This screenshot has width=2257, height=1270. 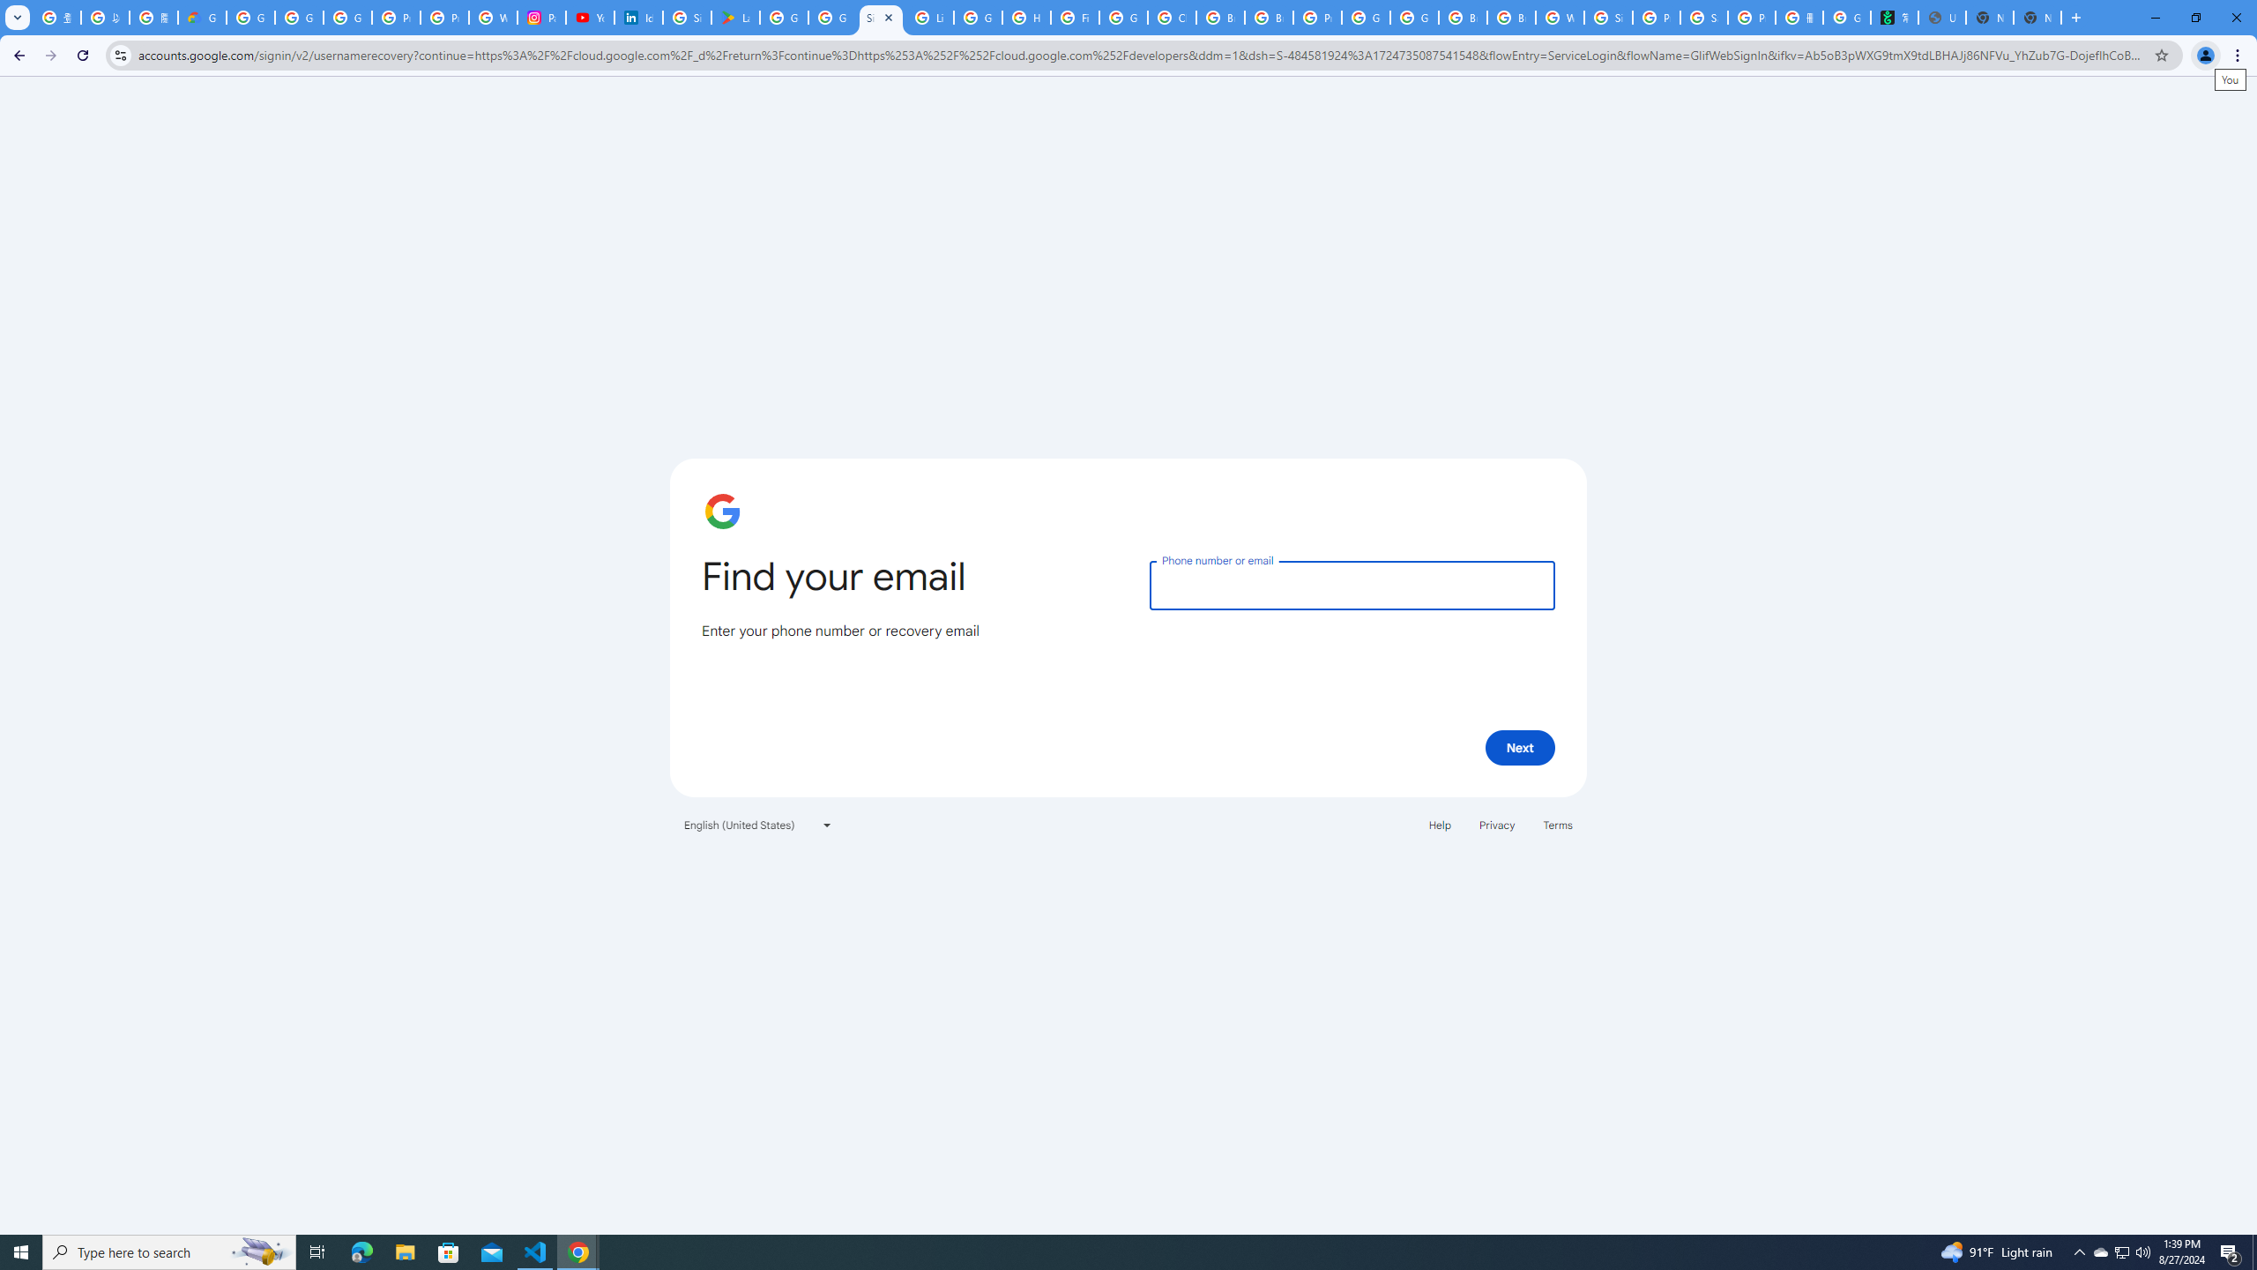 What do you see at coordinates (734, 17) in the screenshot?
I see `'Last Shelter: Survival - Apps on Google Play'` at bounding box center [734, 17].